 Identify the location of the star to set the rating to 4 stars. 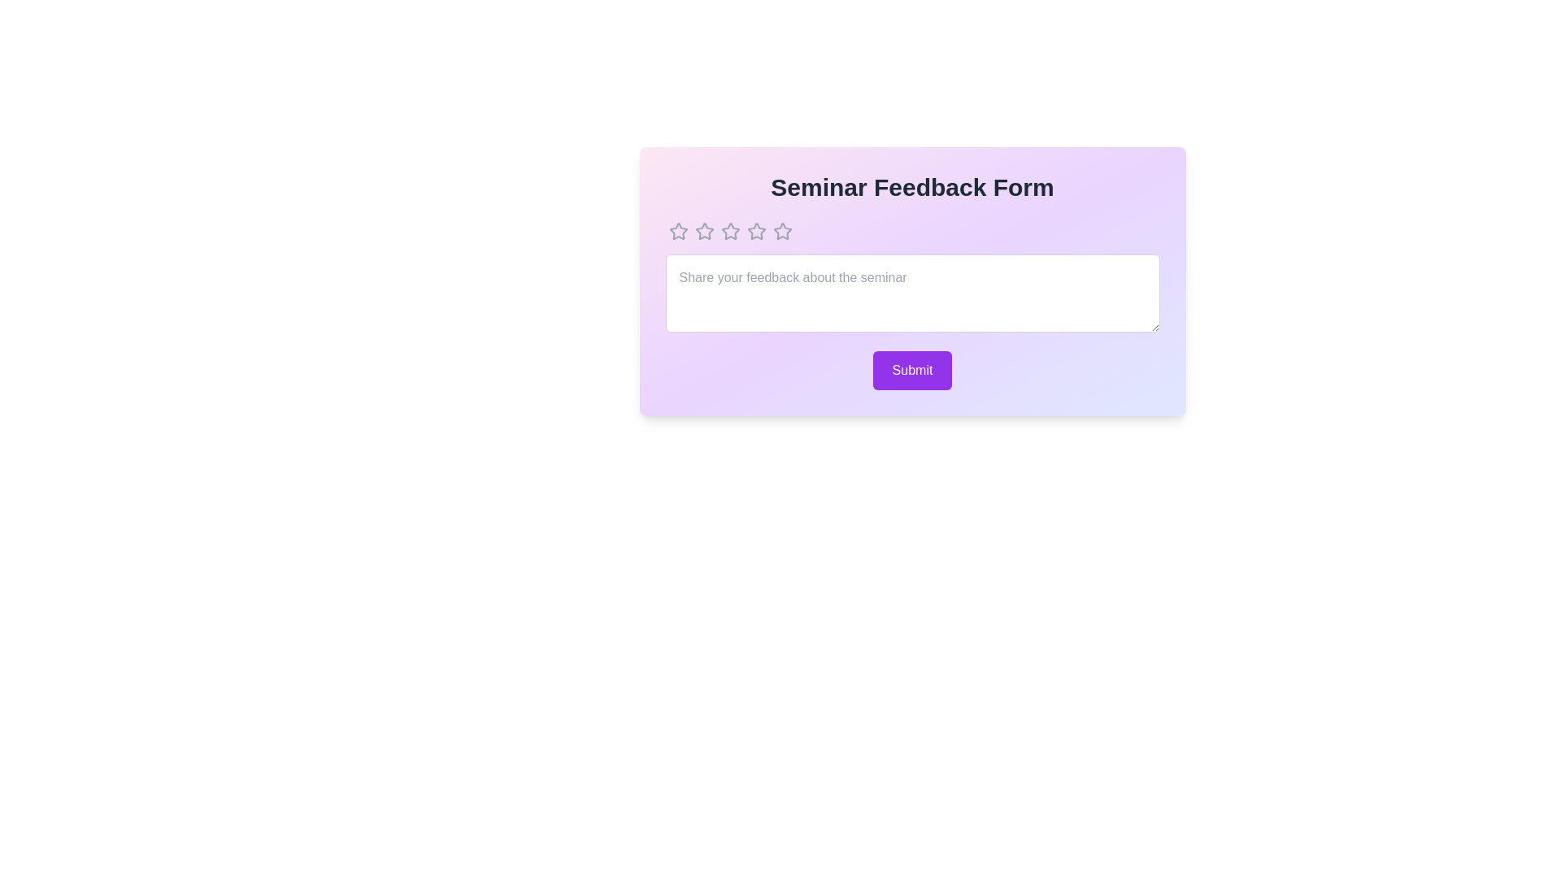
(755, 232).